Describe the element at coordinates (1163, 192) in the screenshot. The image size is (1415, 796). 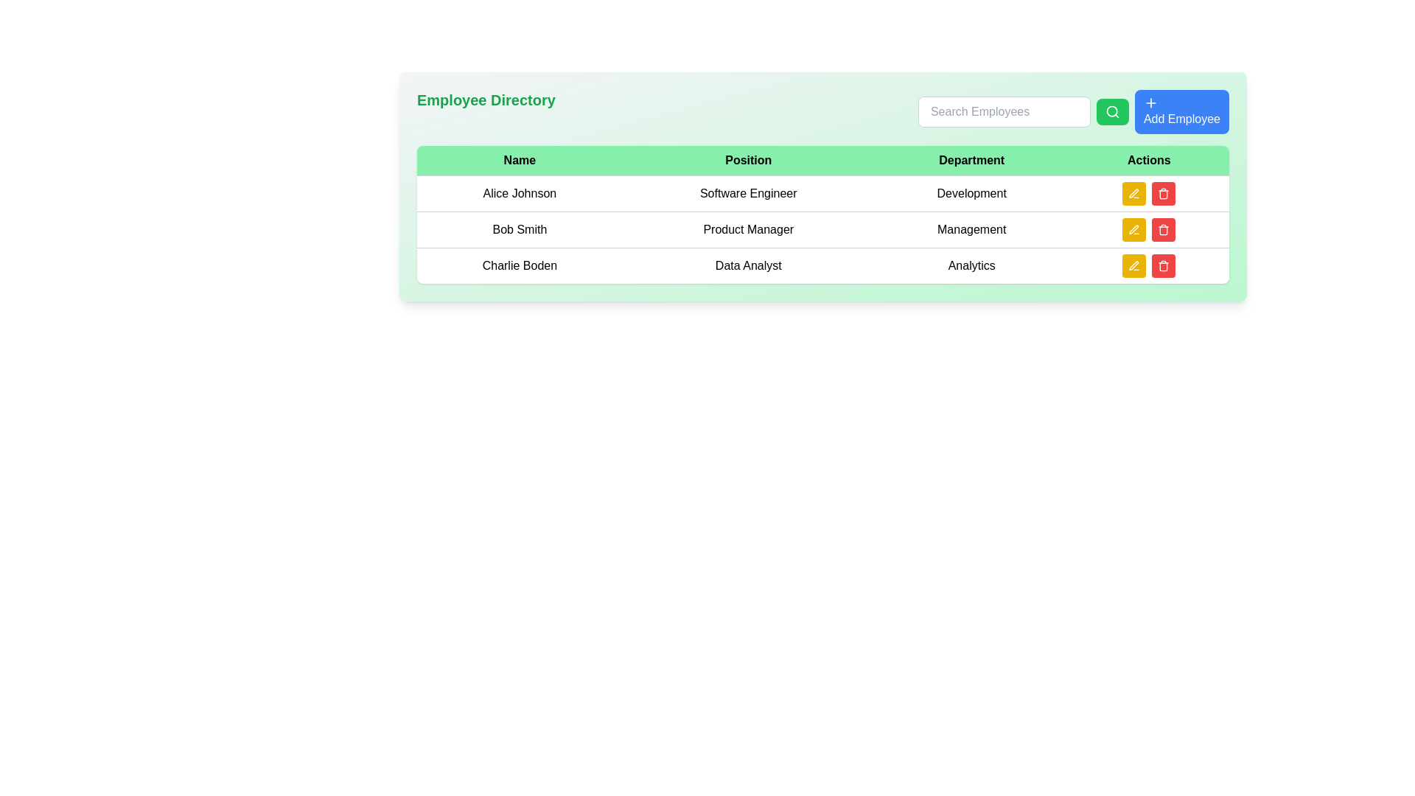
I see `the red delete button with a trash can icon located at the far right of the table row` at that location.